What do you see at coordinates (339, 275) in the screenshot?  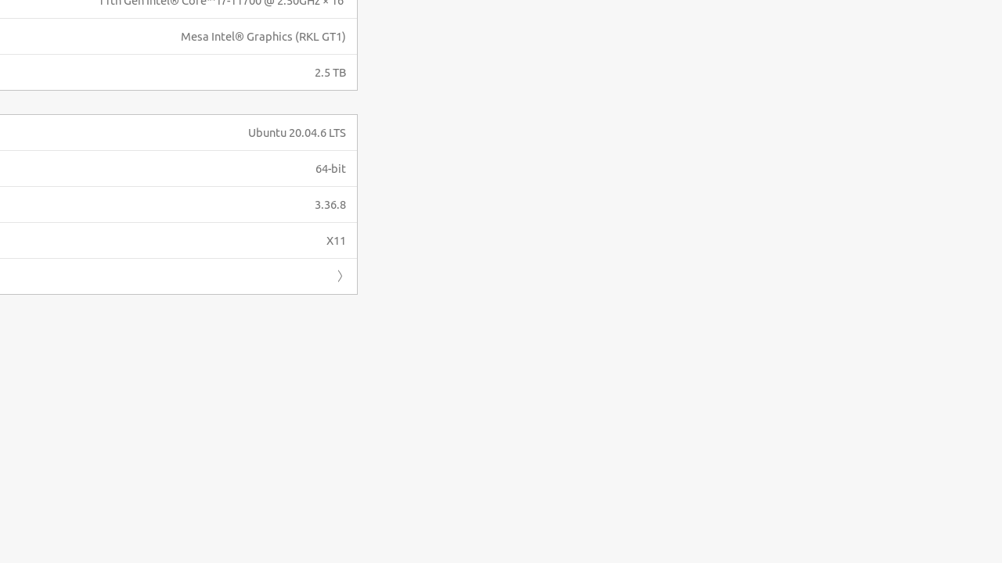 I see `'Forward'` at bounding box center [339, 275].